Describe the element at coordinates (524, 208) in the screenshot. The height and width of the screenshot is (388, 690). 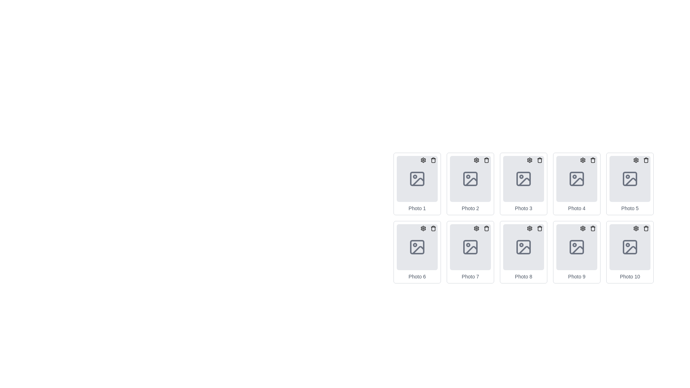
I see `the text label displaying 'Photo 3', which is styled with a small font size and gray color, located beneath a photo placeholder icon in the third position of a horizontal list of photo elements` at that location.